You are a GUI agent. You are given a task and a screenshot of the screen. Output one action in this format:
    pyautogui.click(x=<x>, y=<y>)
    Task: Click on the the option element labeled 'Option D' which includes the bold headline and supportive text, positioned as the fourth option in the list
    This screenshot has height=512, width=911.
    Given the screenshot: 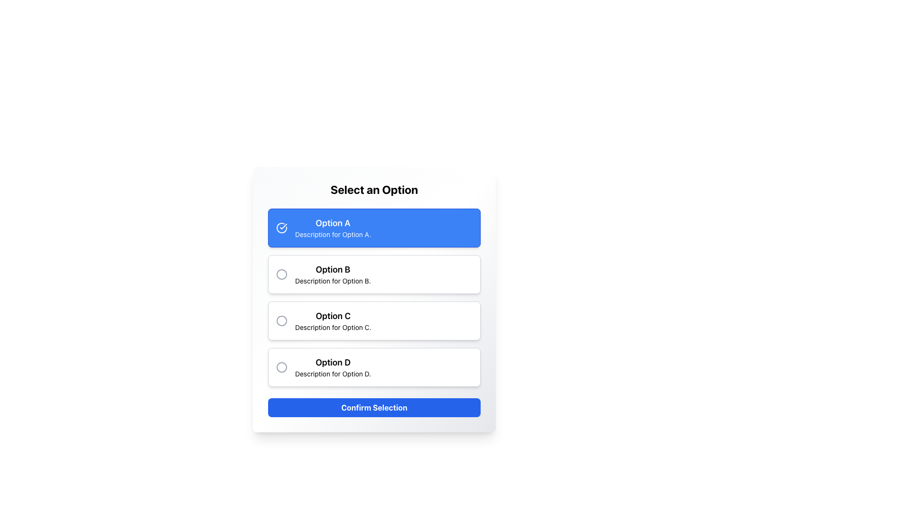 What is the action you would take?
    pyautogui.click(x=333, y=367)
    